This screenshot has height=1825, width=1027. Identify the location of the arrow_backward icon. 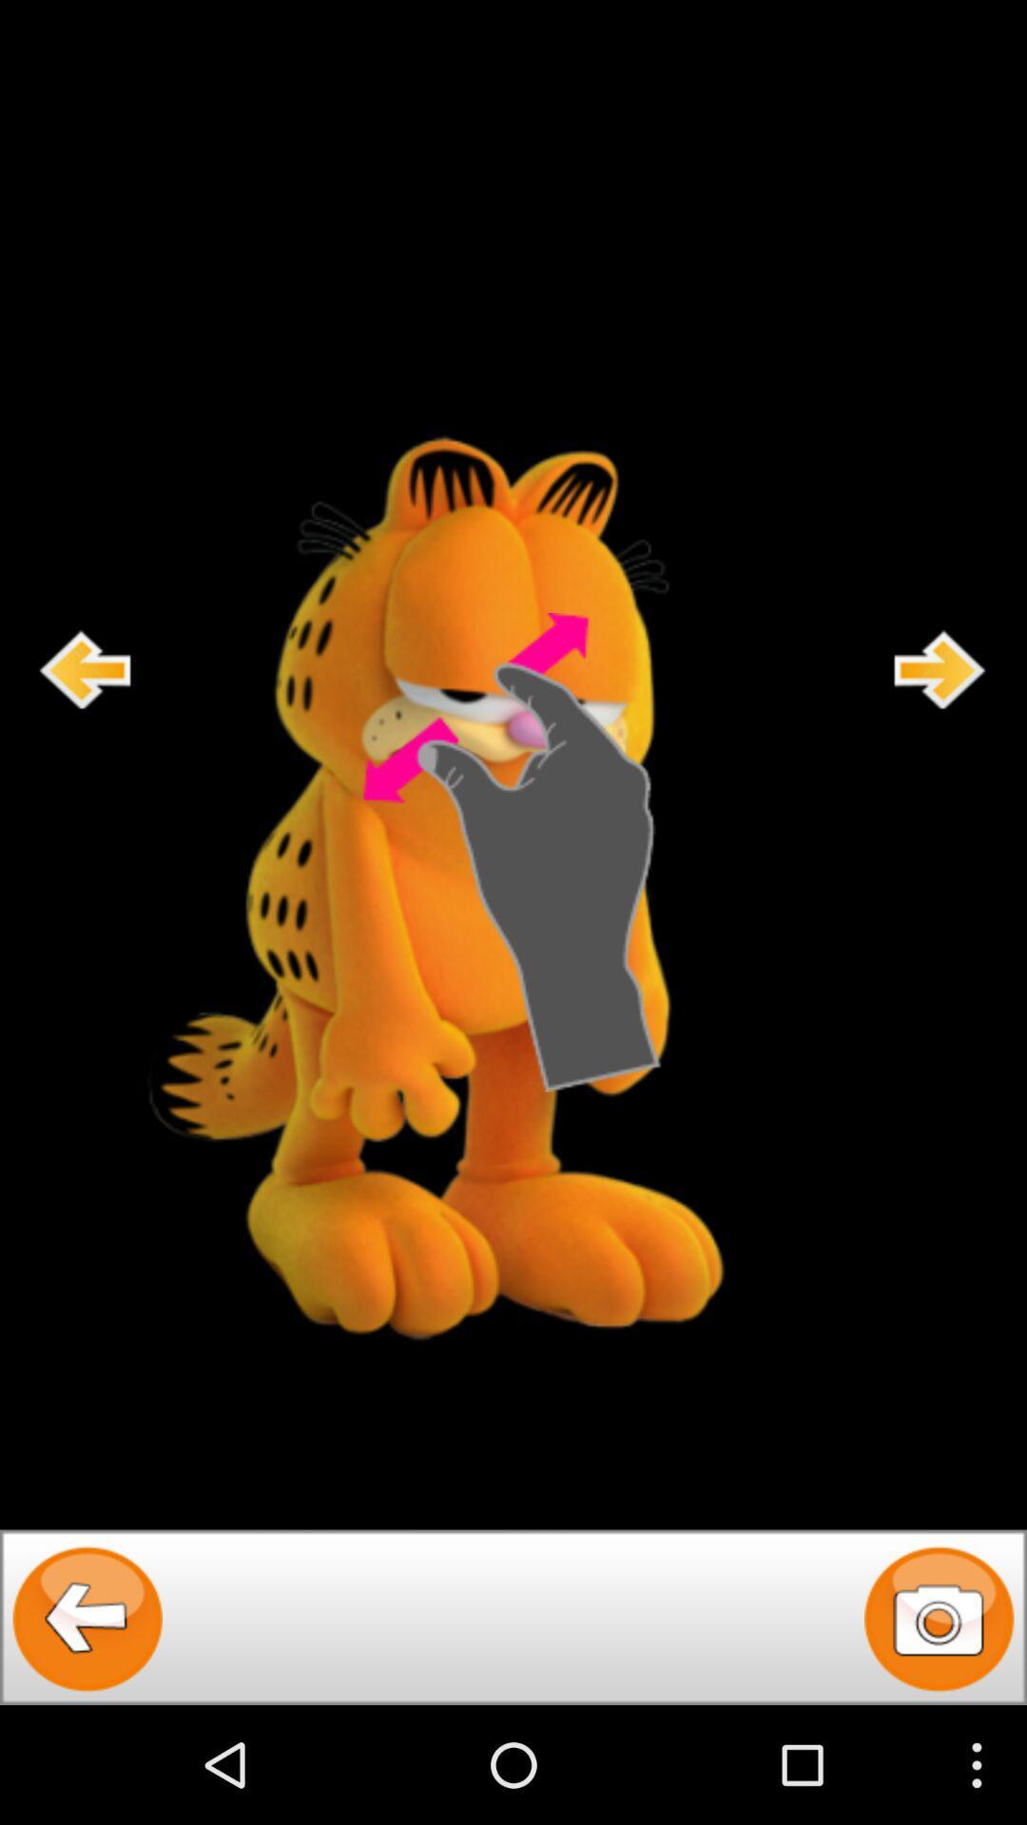
(87, 1731).